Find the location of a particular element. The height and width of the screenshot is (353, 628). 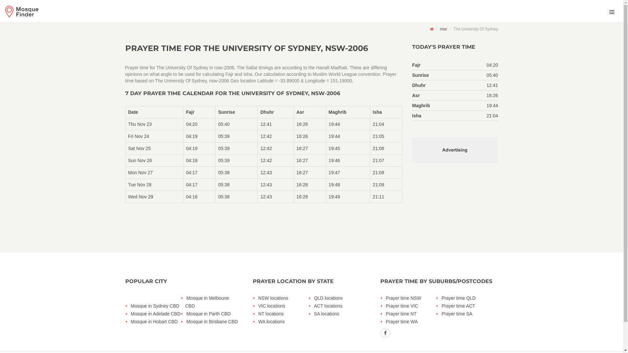

'Mosque in Melboune CBD' is located at coordinates (185, 302).